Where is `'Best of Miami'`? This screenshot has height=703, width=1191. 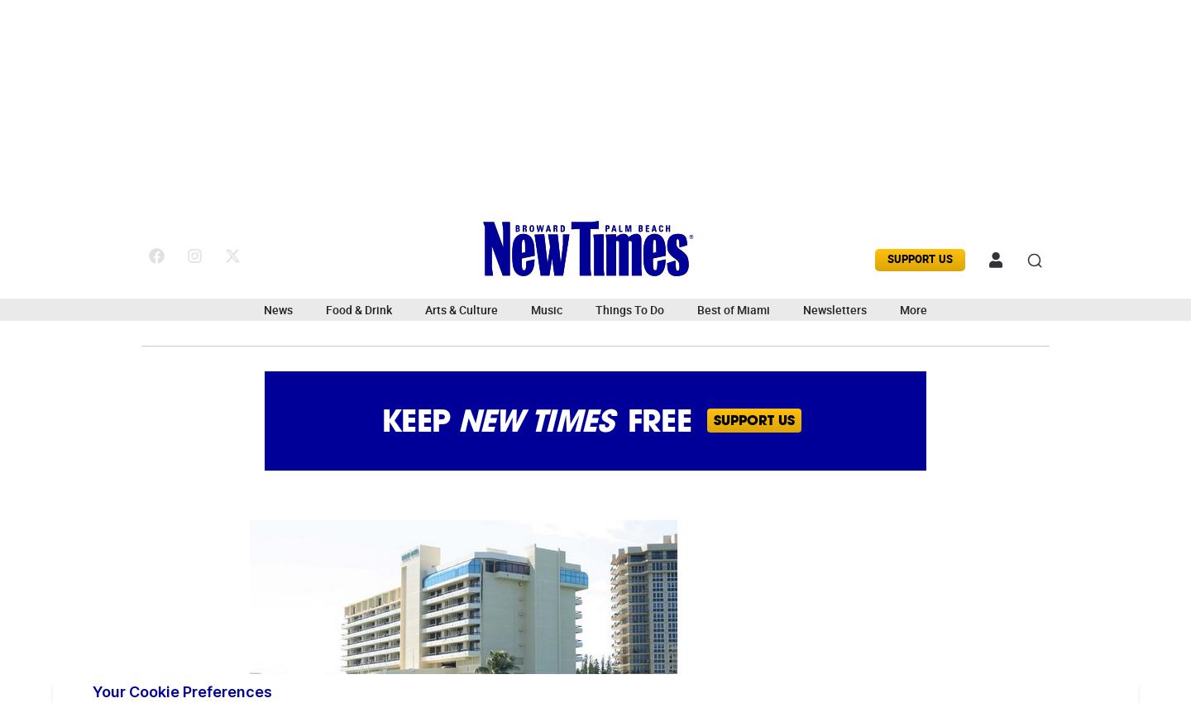 'Best of Miami' is located at coordinates (696, 309).